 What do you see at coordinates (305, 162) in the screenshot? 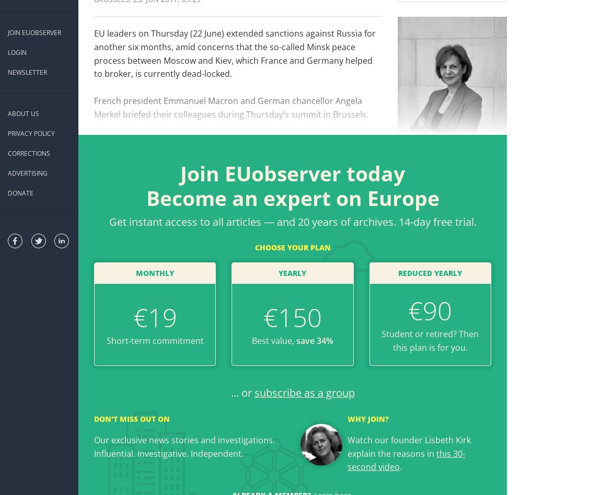
I see `'WhatsApp'` at bounding box center [305, 162].